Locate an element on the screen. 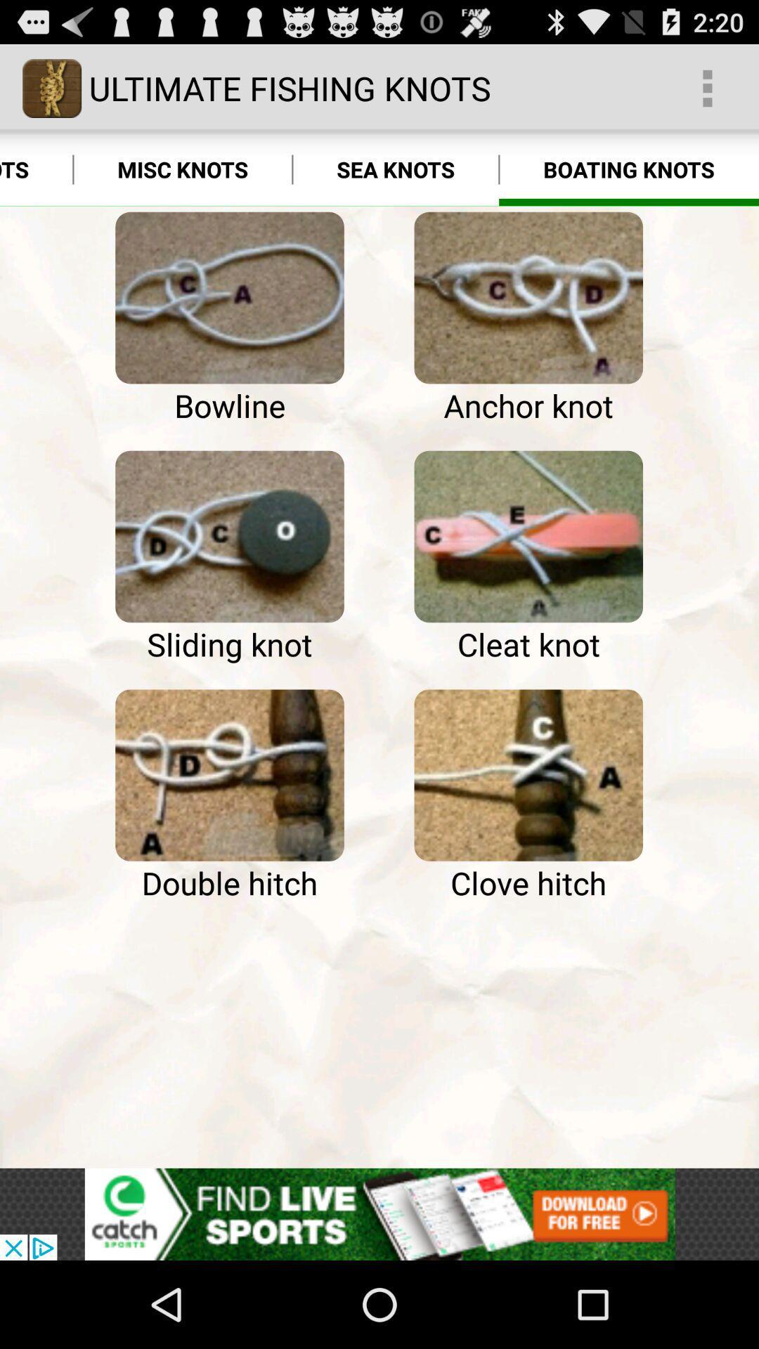 The height and width of the screenshot is (1349, 759). click the picture is located at coordinates (528, 535).